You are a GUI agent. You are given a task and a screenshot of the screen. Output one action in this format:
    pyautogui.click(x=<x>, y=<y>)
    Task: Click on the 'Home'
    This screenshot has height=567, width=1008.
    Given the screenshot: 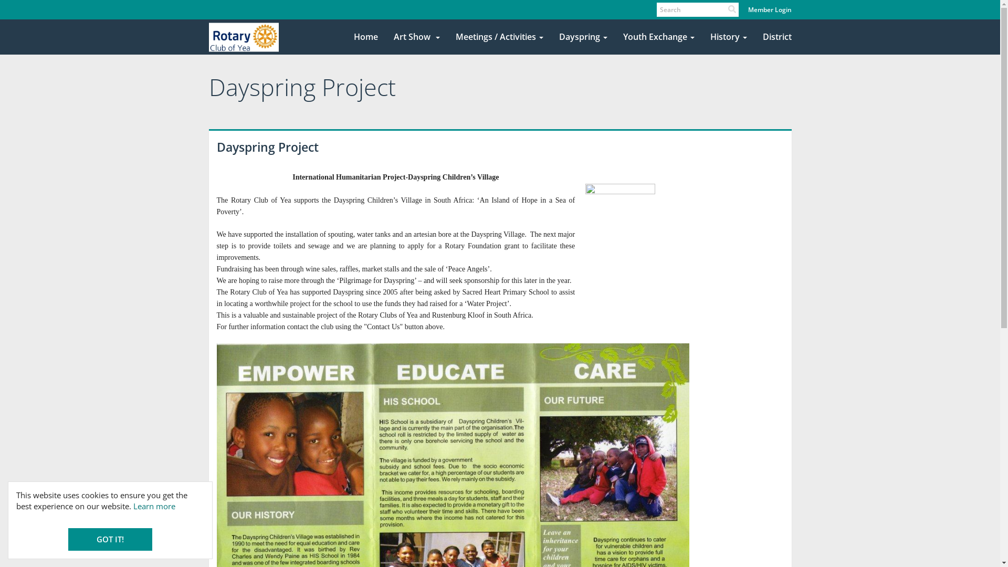 What is the action you would take?
    pyautogui.click(x=365, y=36)
    